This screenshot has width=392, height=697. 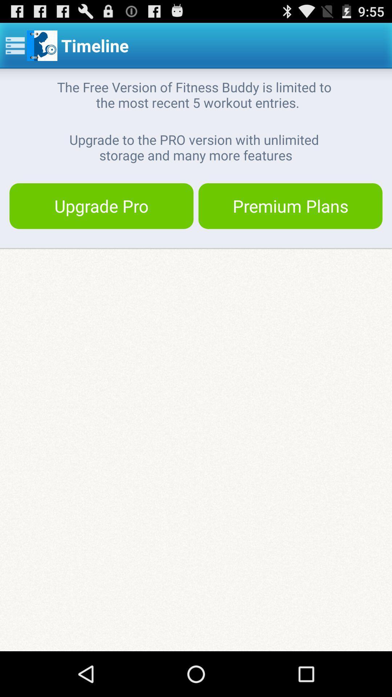 I want to click on the icon to the right of upgrade pro item, so click(x=290, y=205).